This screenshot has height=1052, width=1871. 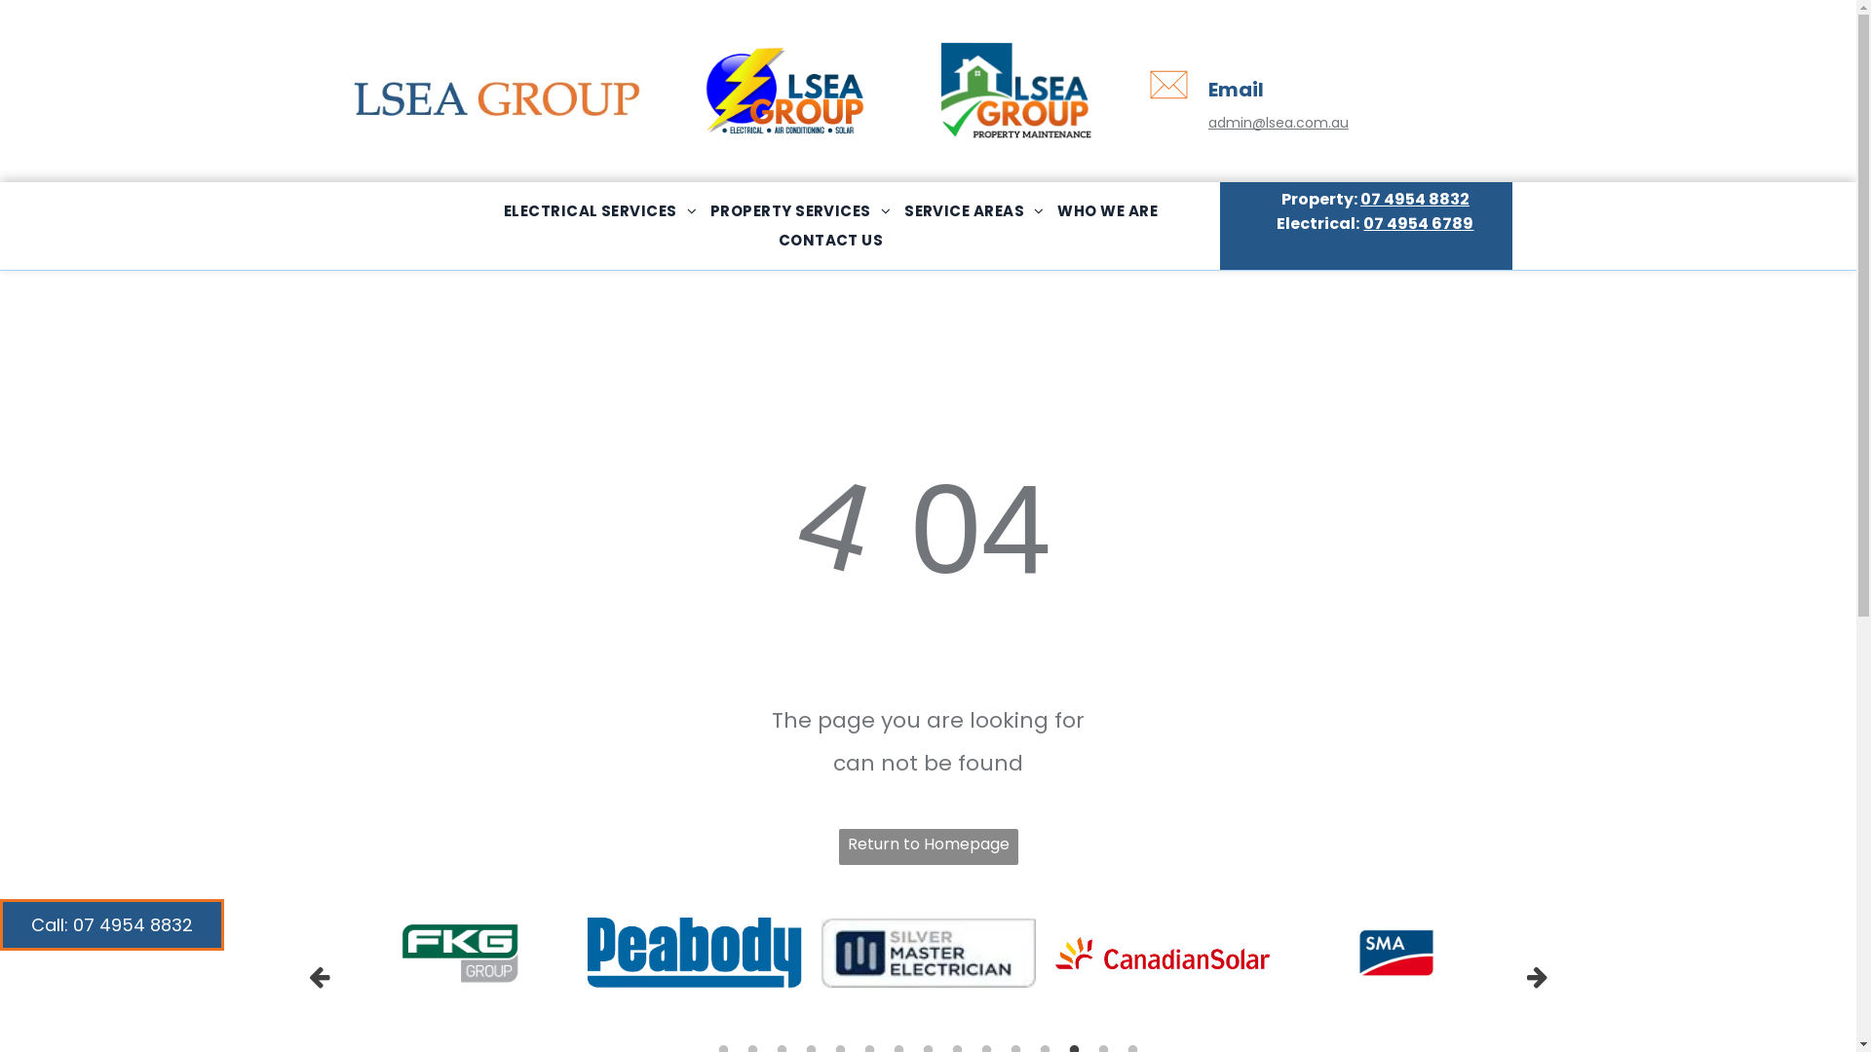 What do you see at coordinates (1278, 123) in the screenshot?
I see `'admin@lsea.com.au'` at bounding box center [1278, 123].